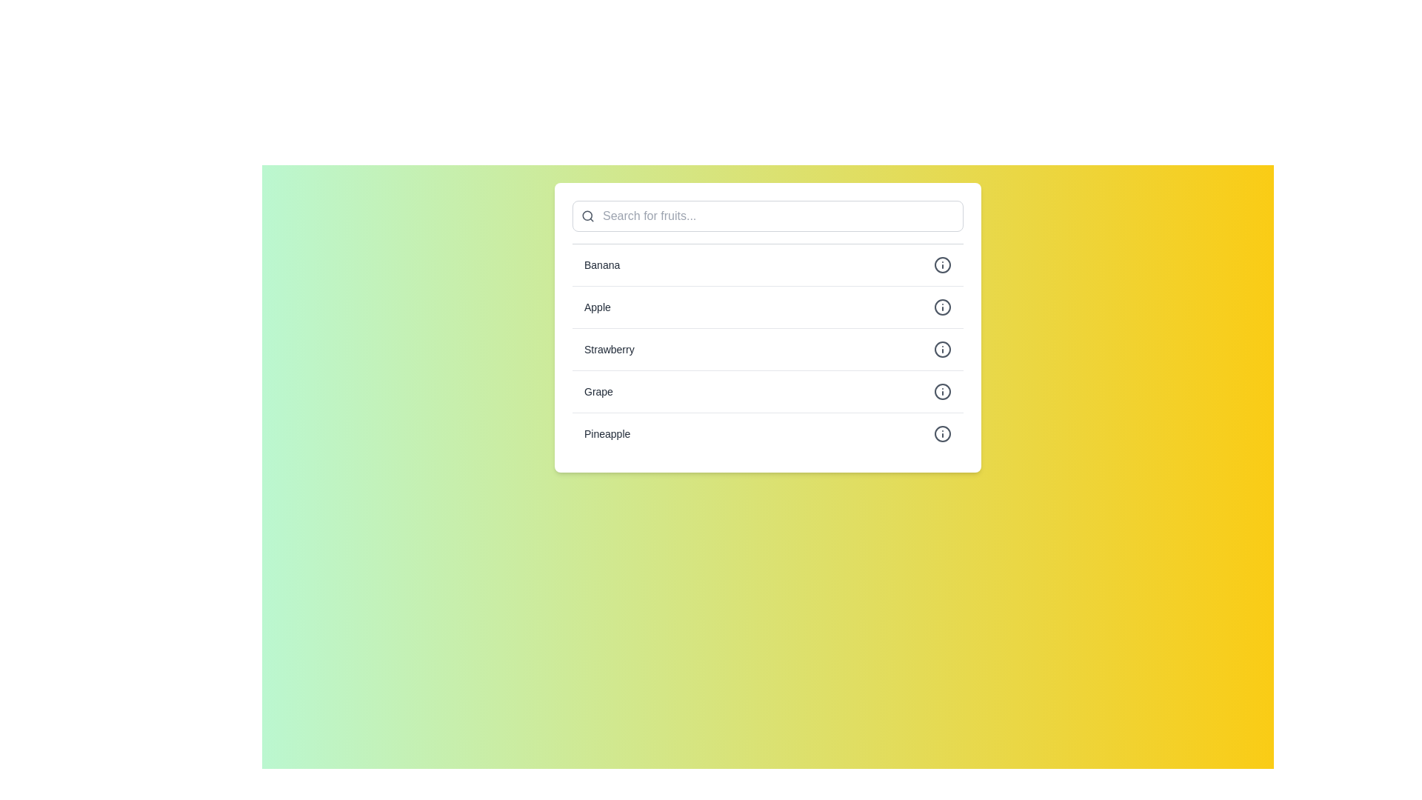 This screenshot has width=1422, height=800. I want to click on the information icon located at the far right of the 'Banana' list item, so click(941, 264).